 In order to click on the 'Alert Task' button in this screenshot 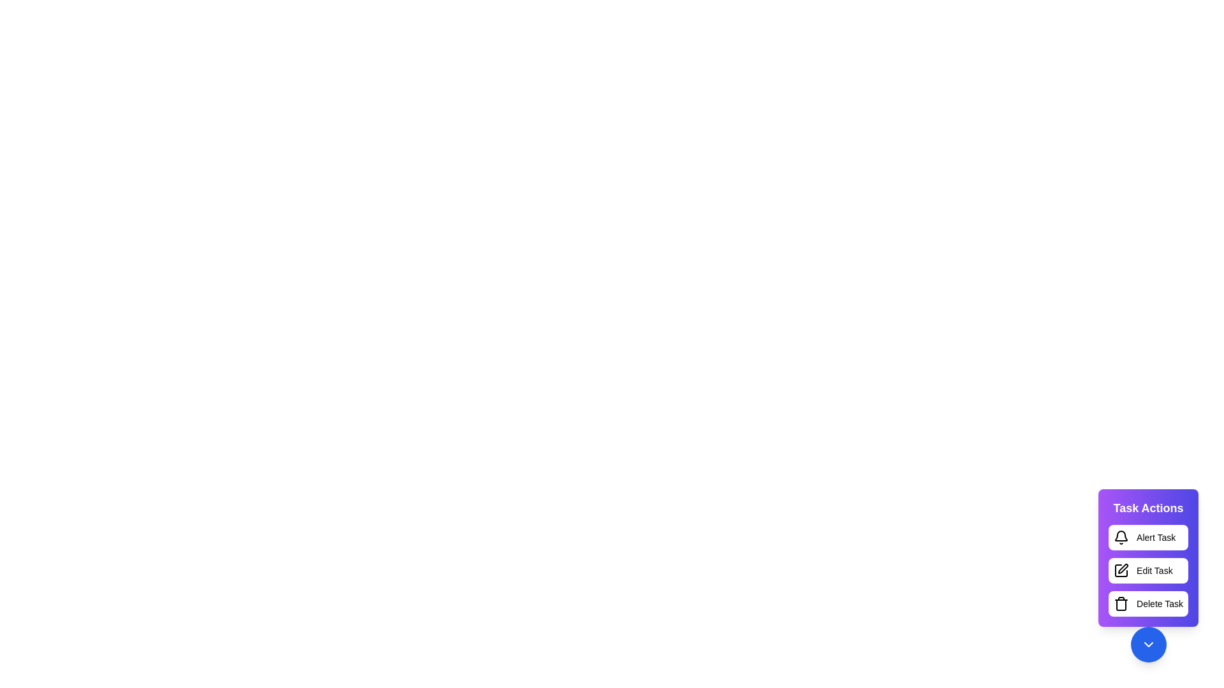, I will do `click(1148, 538)`.